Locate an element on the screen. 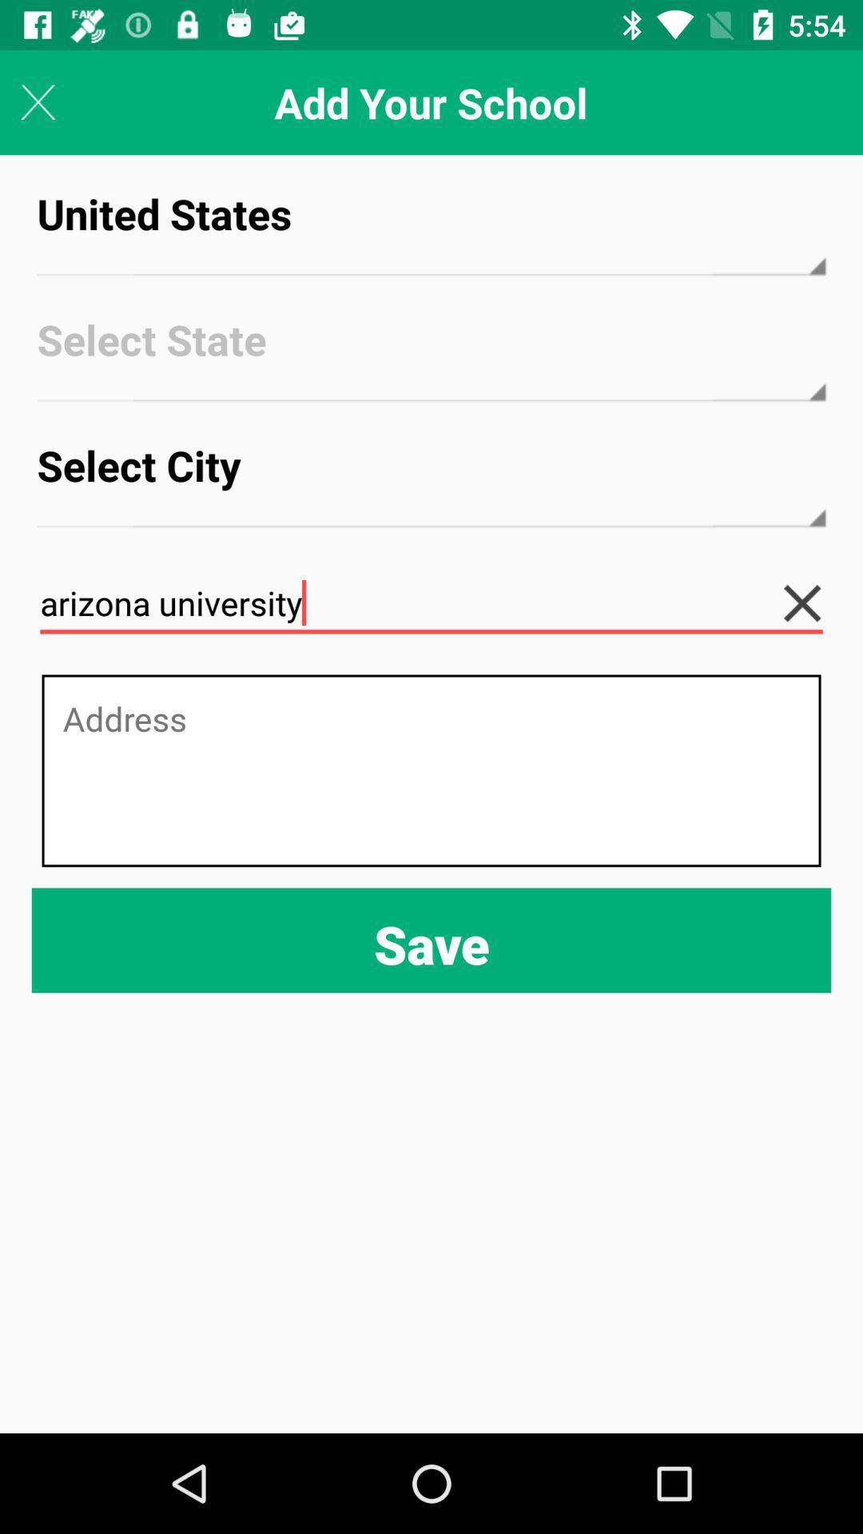 The image size is (863, 1534). the icon above select state is located at coordinates (431, 228).